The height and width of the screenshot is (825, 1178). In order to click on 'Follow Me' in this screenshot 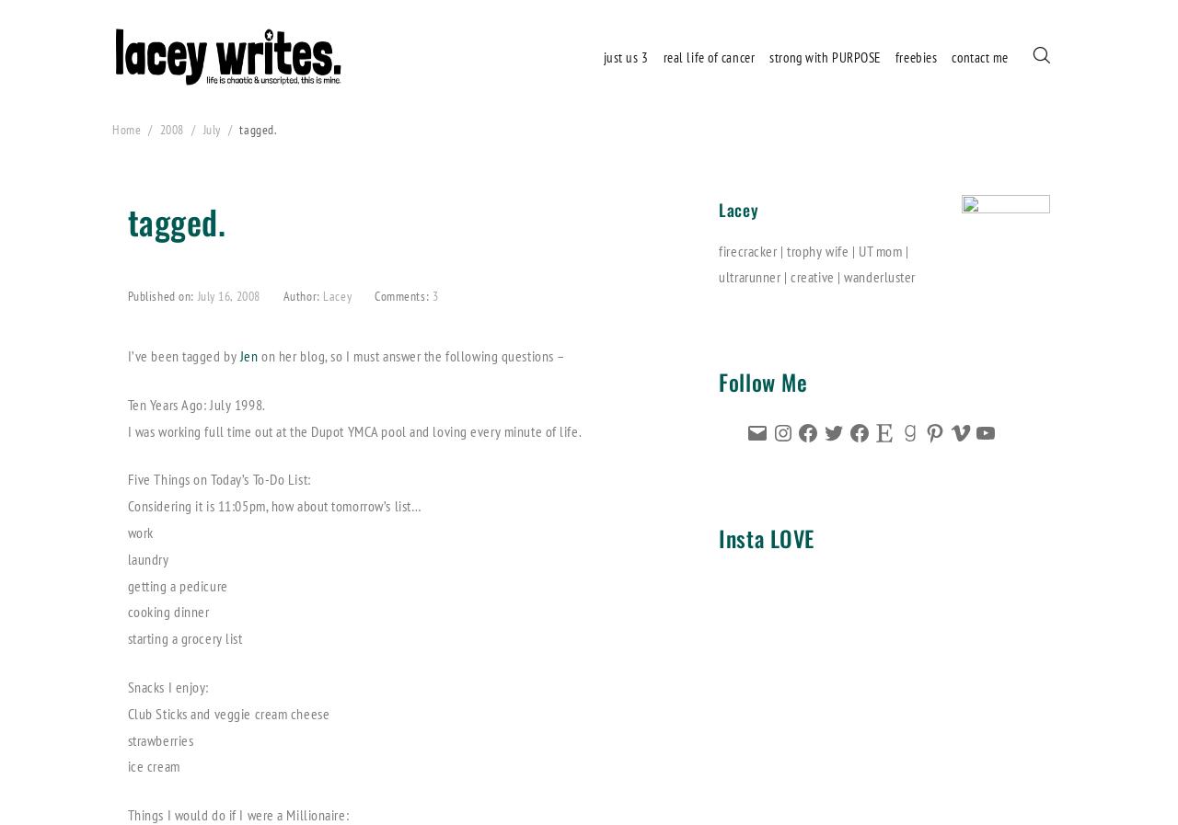, I will do `click(718, 381)`.